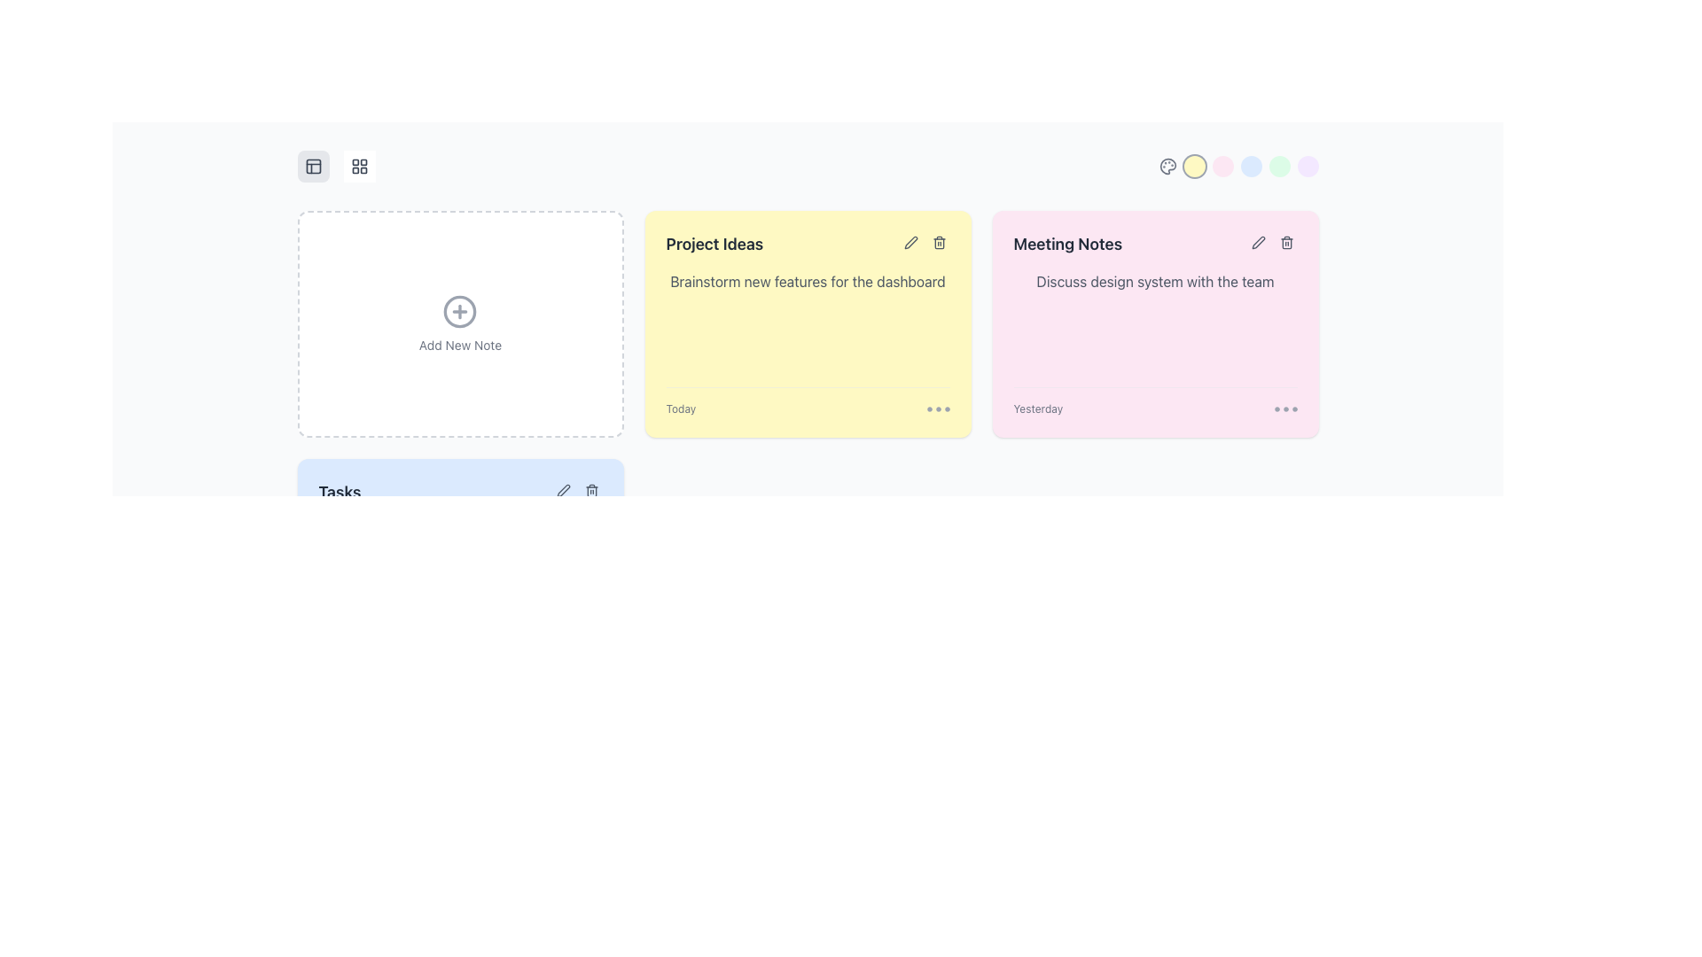 This screenshot has height=957, width=1702. I want to click on the 'Project Ideas' text label, which is a large, bold, dark gray text situated on a yellow background card in the second column of a grid layout, so click(714, 245).